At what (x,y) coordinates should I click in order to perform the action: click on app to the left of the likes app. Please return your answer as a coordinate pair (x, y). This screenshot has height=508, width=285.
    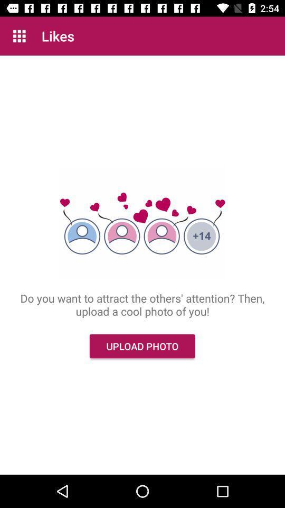
    Looking at the image, I should click on (19, 36).